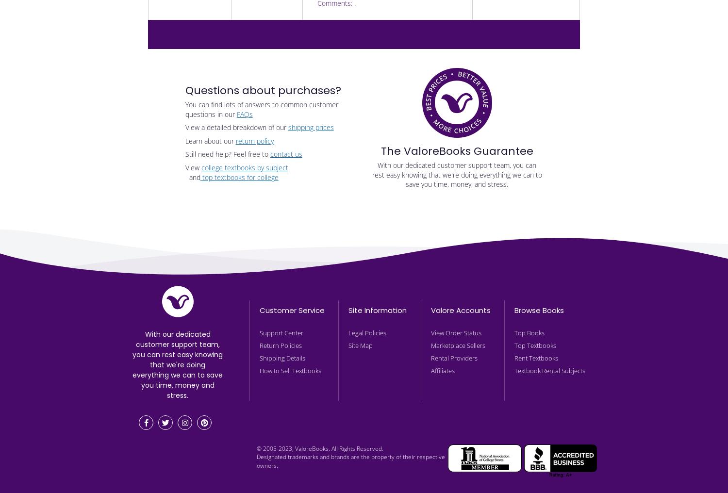 The height and width of the screenshot is (493, 728). Describe the element at coordinates (192, 177) in the screenshot. I see `'and'` at that location.